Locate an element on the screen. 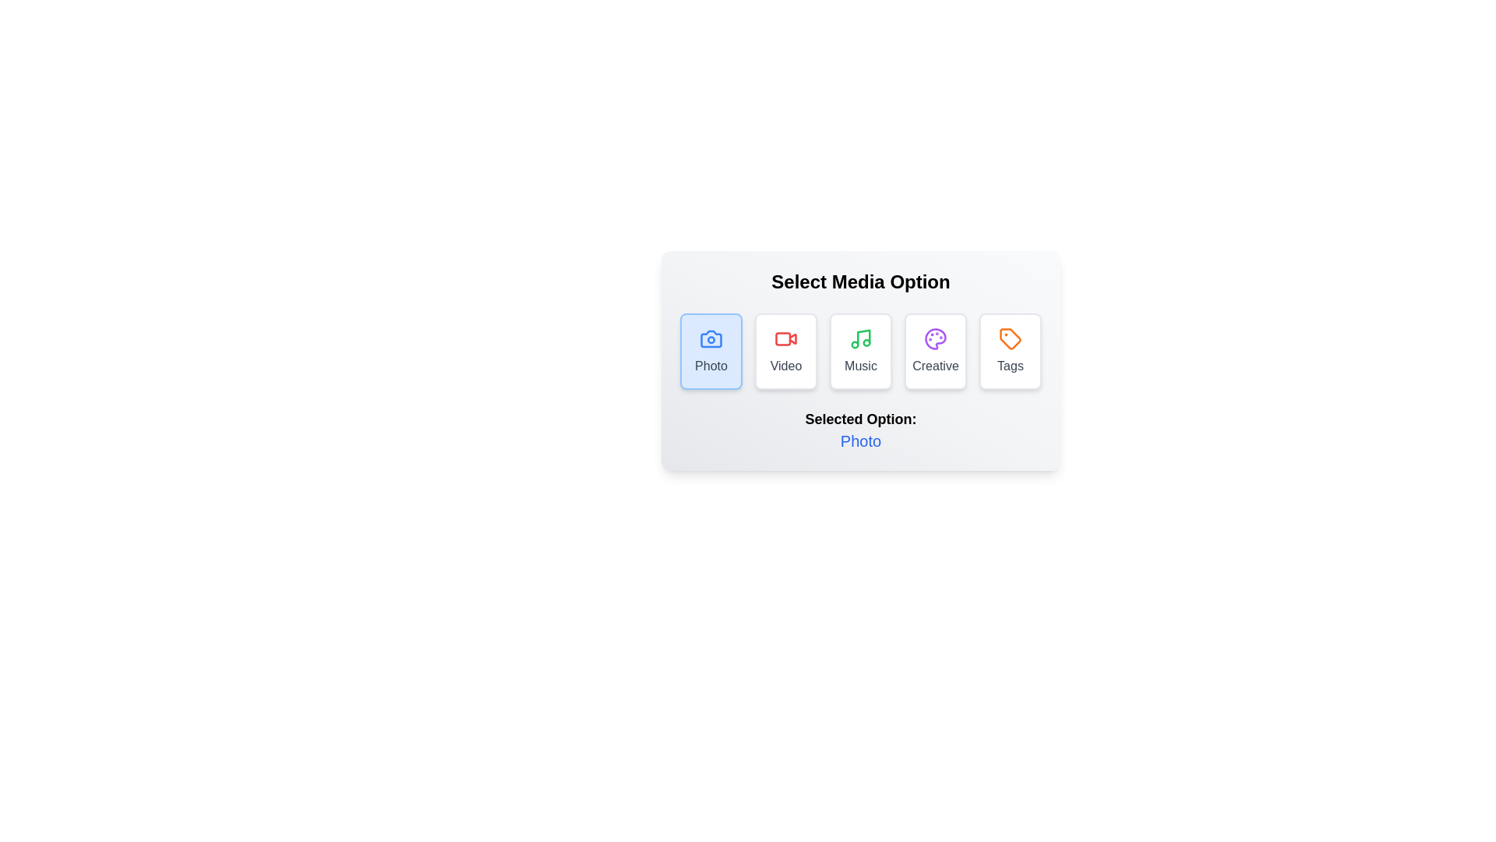 The image size is (1496, 842). the media option Video by clicking on its corresponding button is located at coordinates (785, 352).